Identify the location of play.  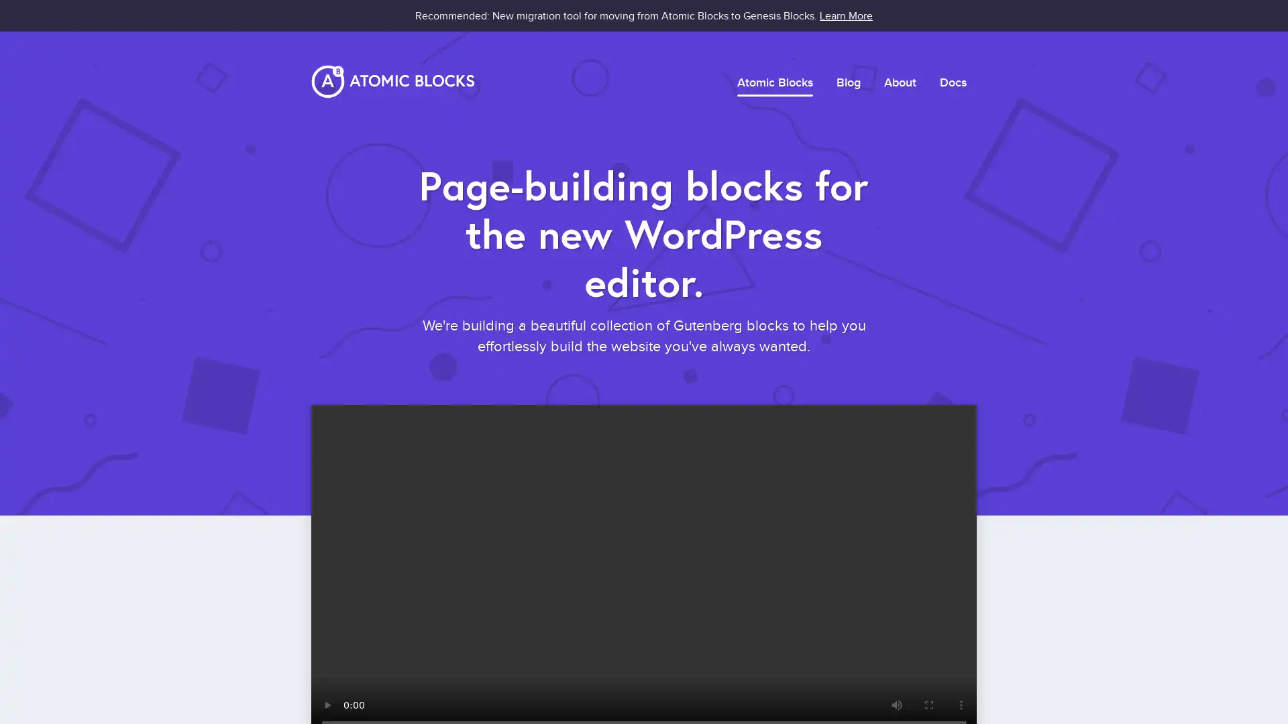
(326, 705).